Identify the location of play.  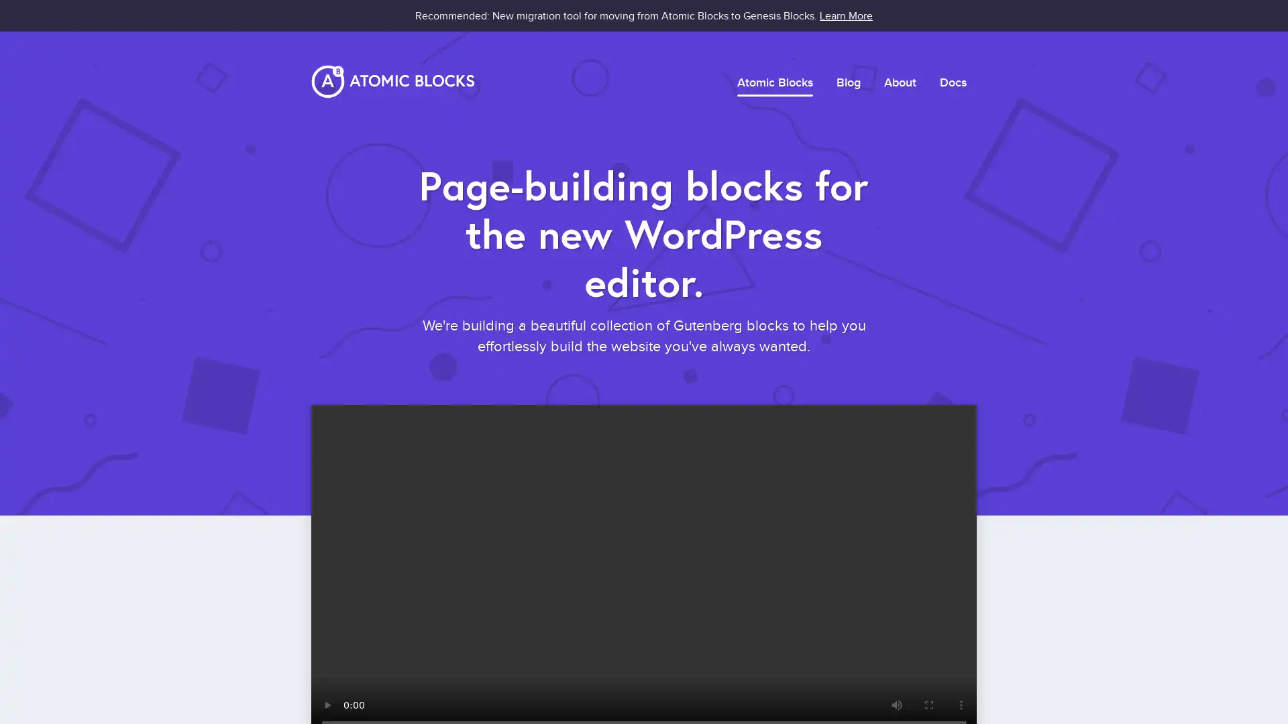
(326, 705).